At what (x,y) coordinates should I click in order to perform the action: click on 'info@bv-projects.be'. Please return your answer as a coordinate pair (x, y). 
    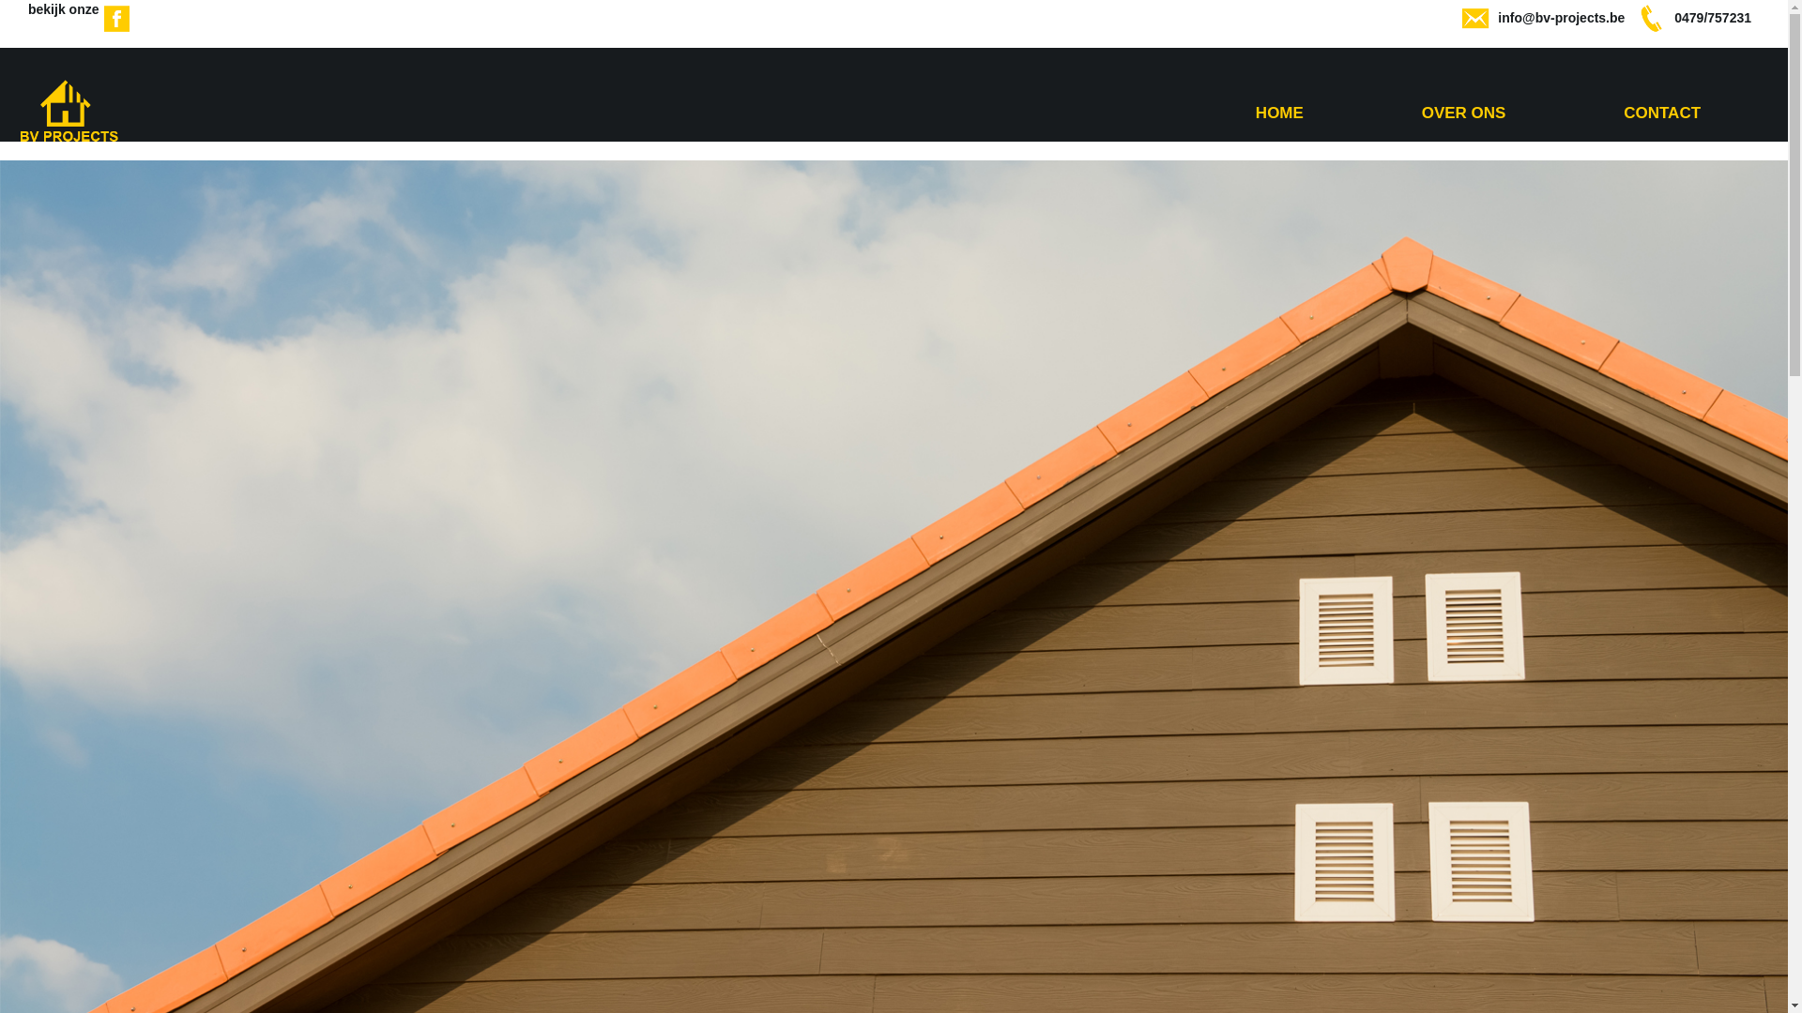
    Looking at the image, I should click on (1561, 18).